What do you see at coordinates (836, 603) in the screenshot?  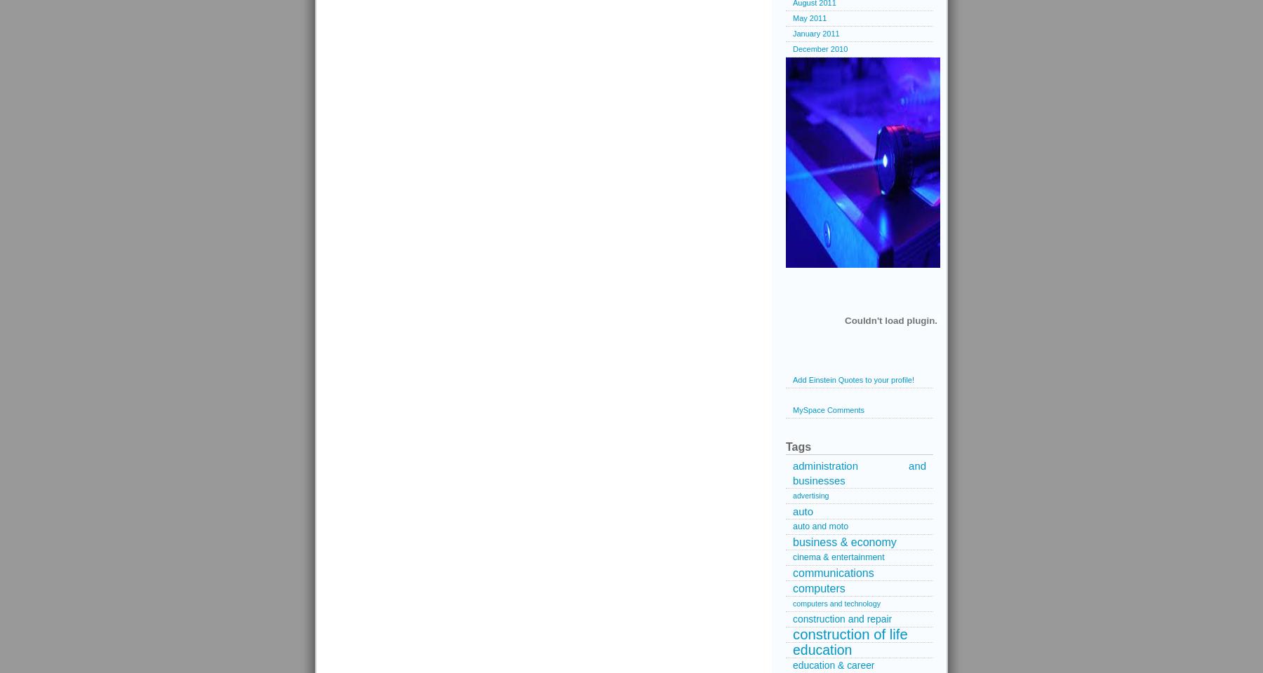 I see `'computers and technology'` at bounding box center [836, 603].